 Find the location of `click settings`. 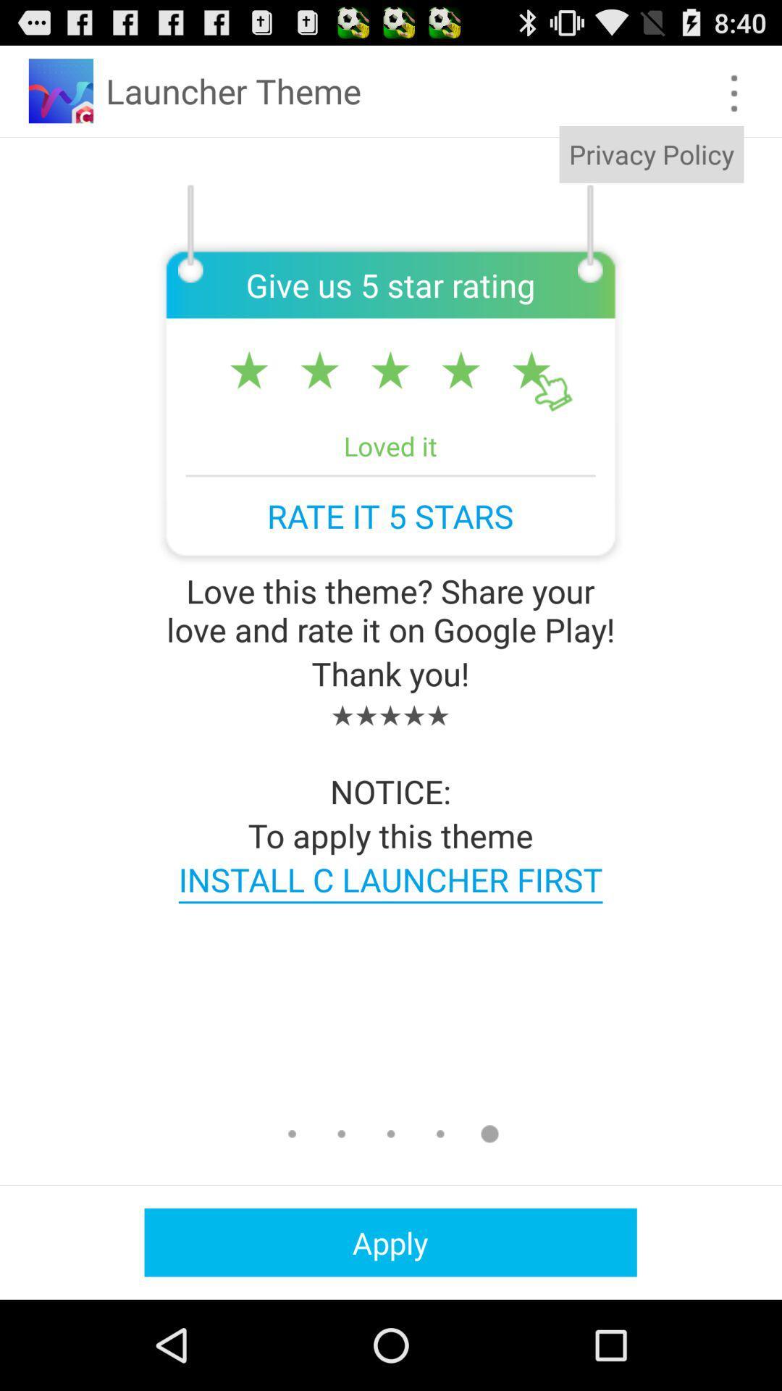

click settings is located at coordinates (734, 93).